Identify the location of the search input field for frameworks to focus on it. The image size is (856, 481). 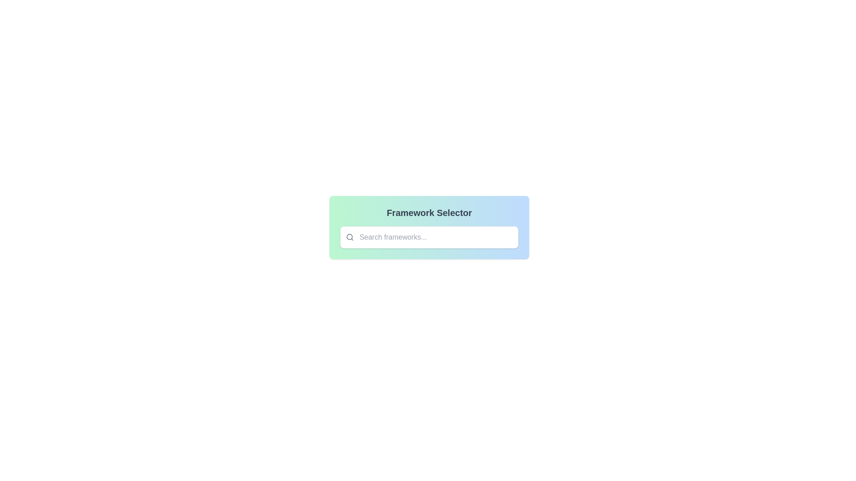
(429, 236).